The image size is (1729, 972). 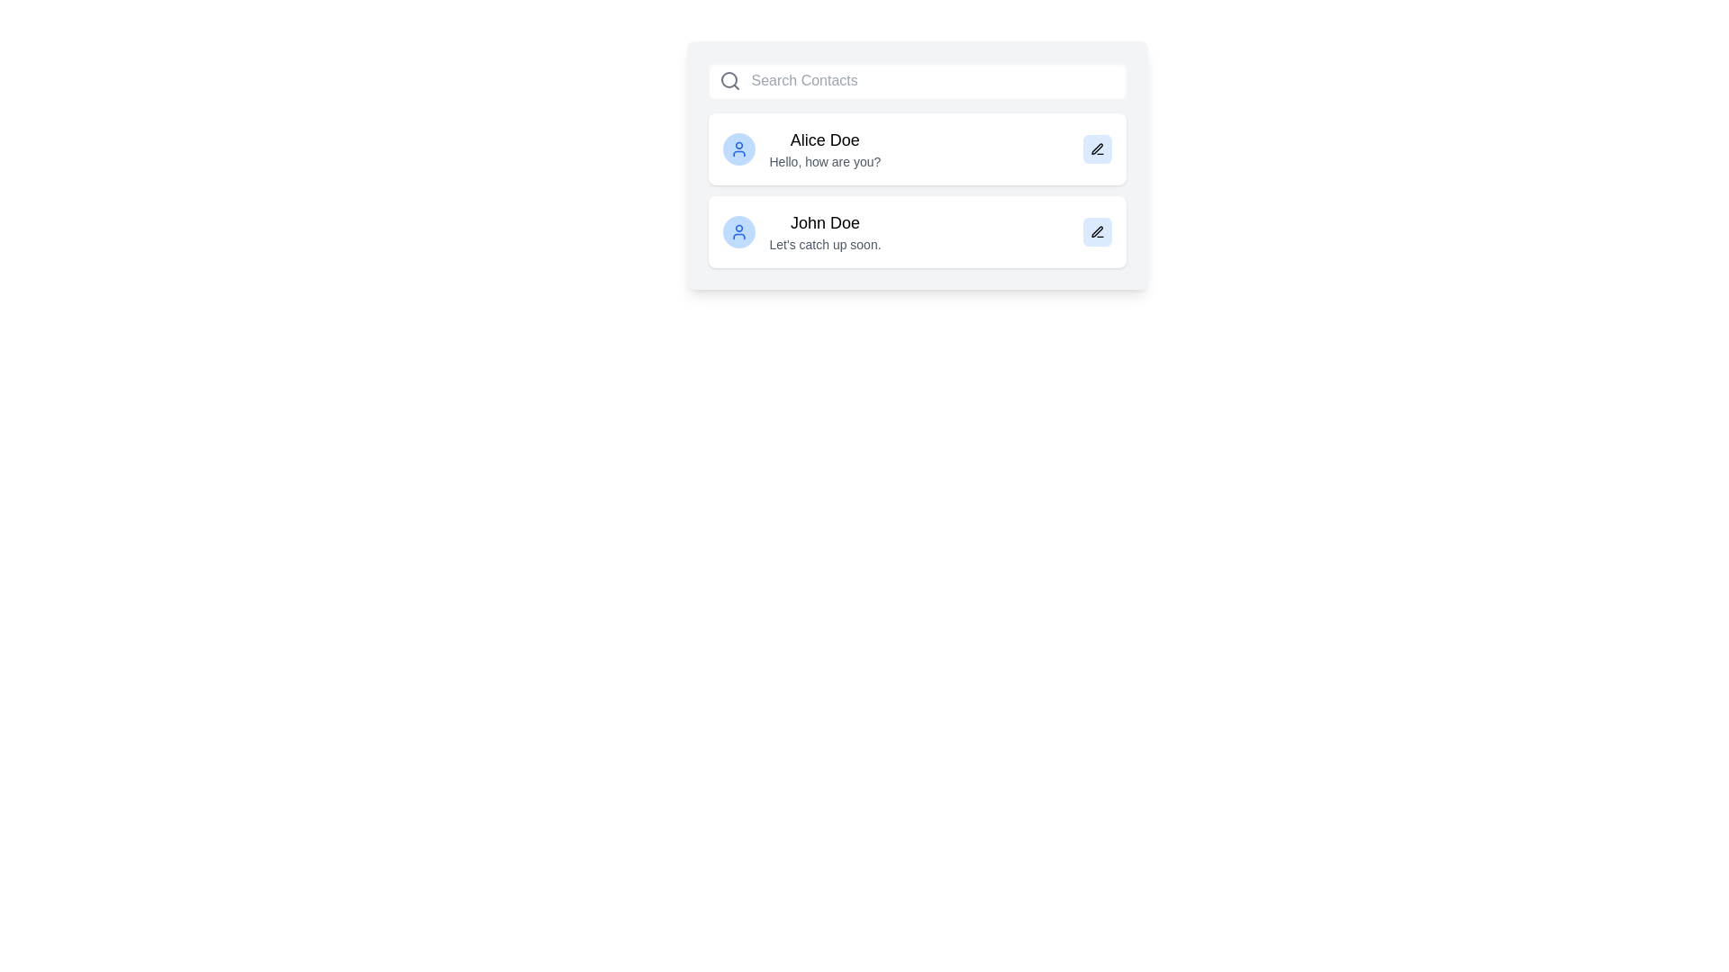 What do you see at coordinates (824, 139) in the screenshot?
I see `the contact name Alice Doe to select it` at bounding box center [824, 139].